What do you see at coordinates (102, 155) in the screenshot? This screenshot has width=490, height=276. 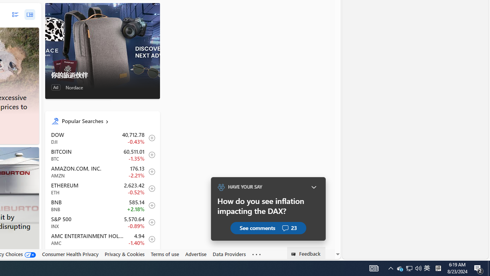 I see `'BTC Bitcoin decrease 60,511.01 -814.48 -1.35% itemundefined'` at bounding box center [102, 155].